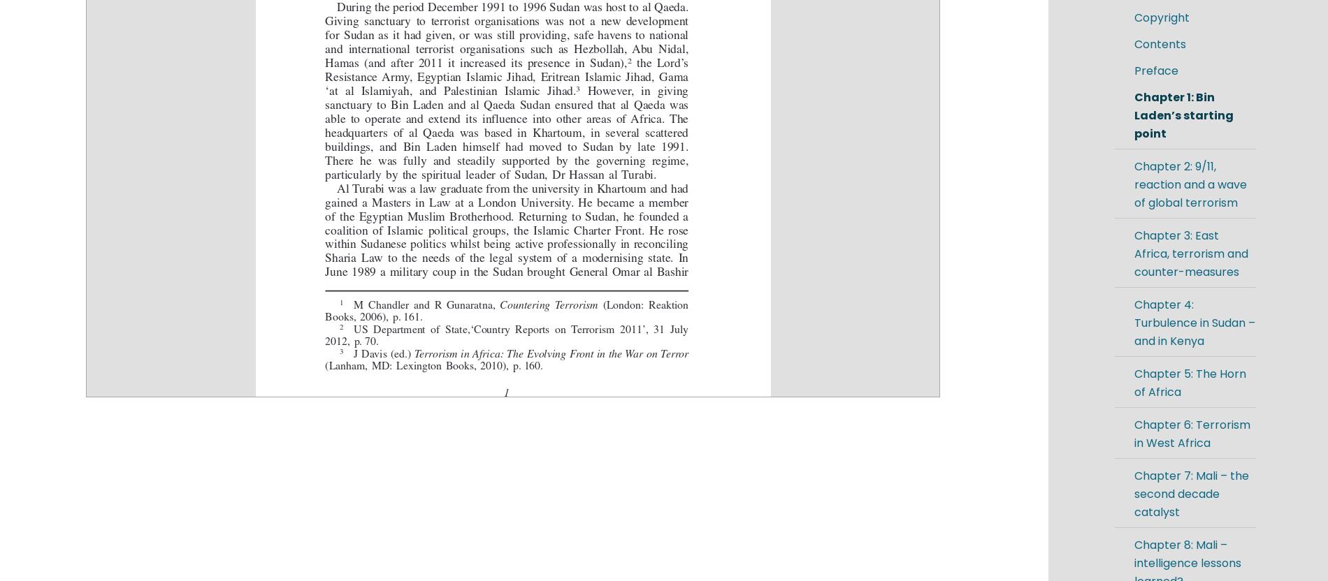 Image resolution: width=1328 pixels, height=581 pixels. I want to click on 'Chapter 1: Bin Laden’s starting point', so click(1134, 115).